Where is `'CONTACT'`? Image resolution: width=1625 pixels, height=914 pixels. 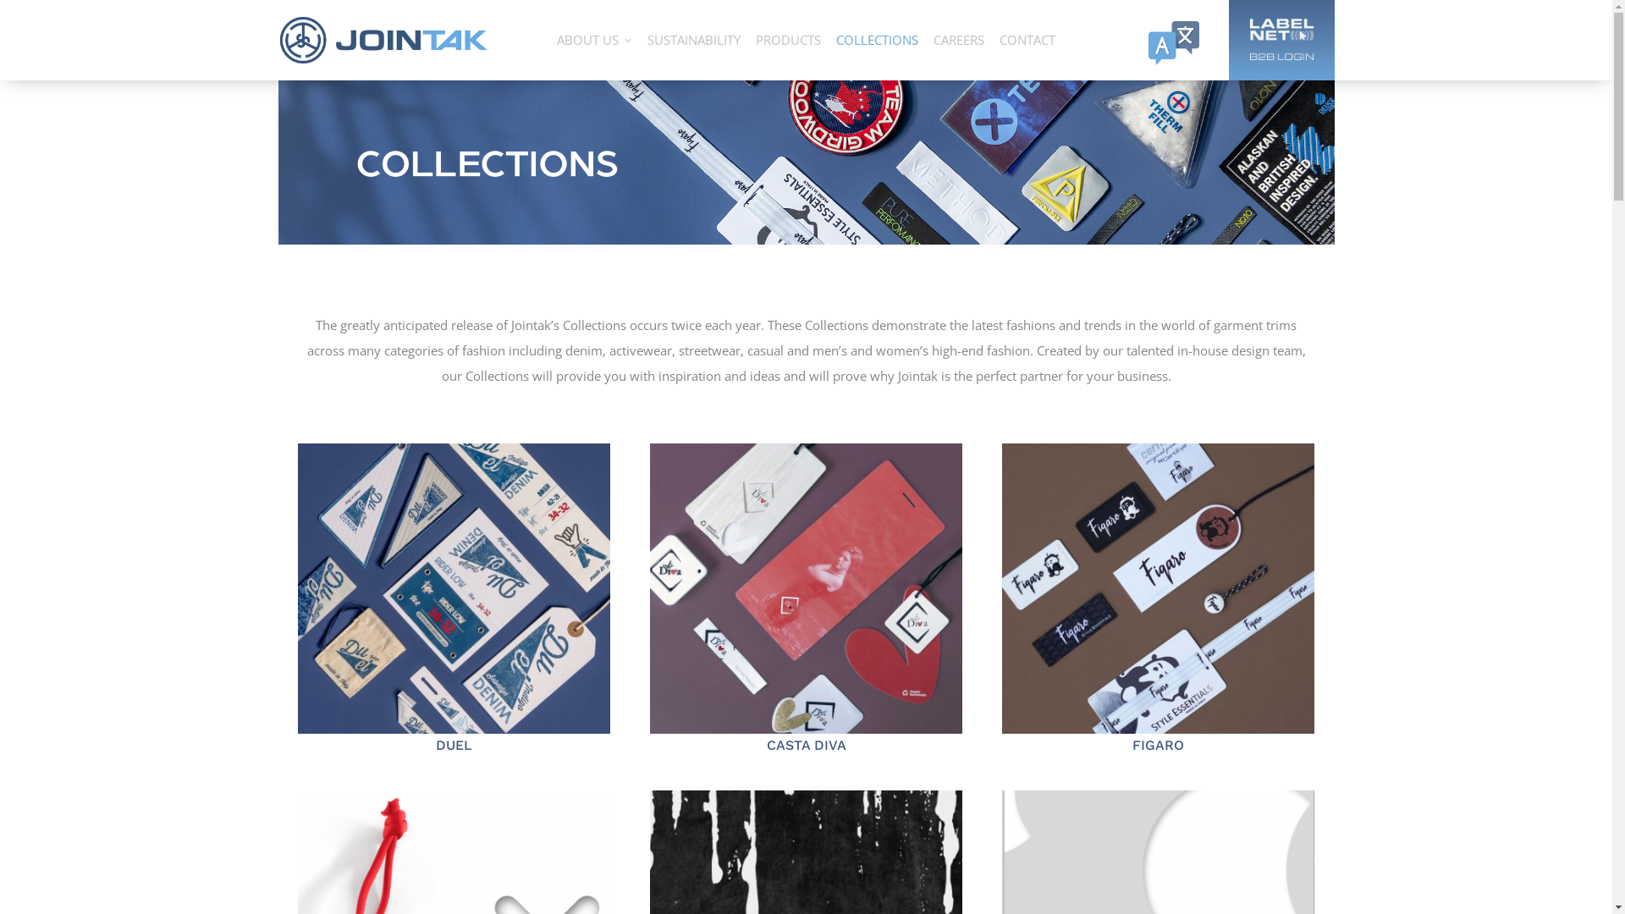 'CONTACT' is located at coordinates (1027, 39).